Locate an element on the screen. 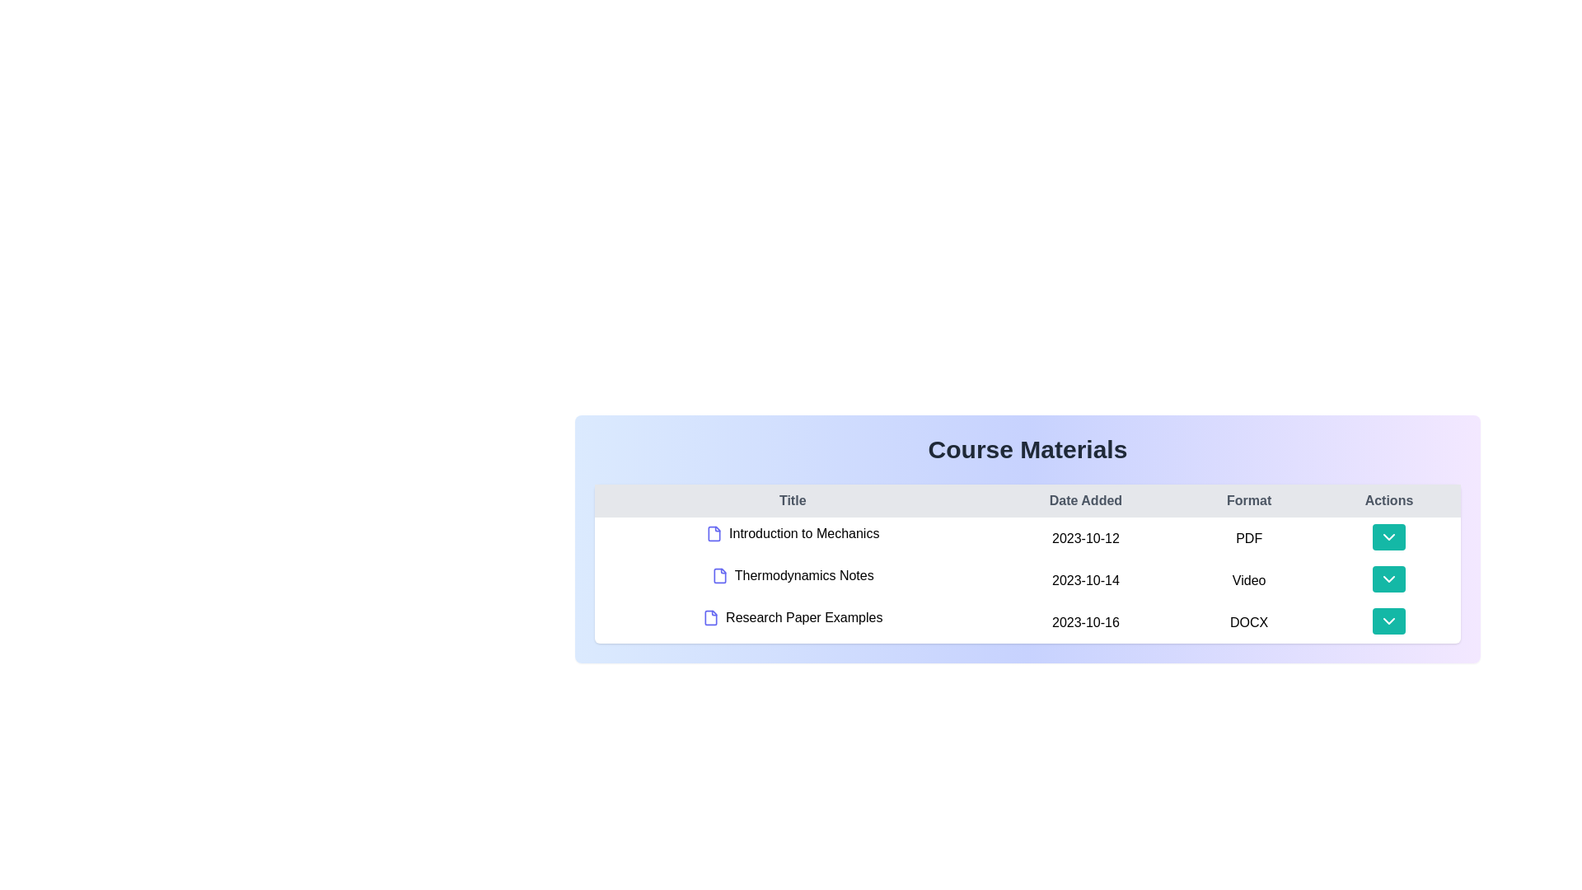 The height and width of the screenshot is (890, 1582). the image/icon representing the file or document linked to 'Research Paper Examples' in the third row of the table under the 'Title' column is located at coordinates (711, 617).